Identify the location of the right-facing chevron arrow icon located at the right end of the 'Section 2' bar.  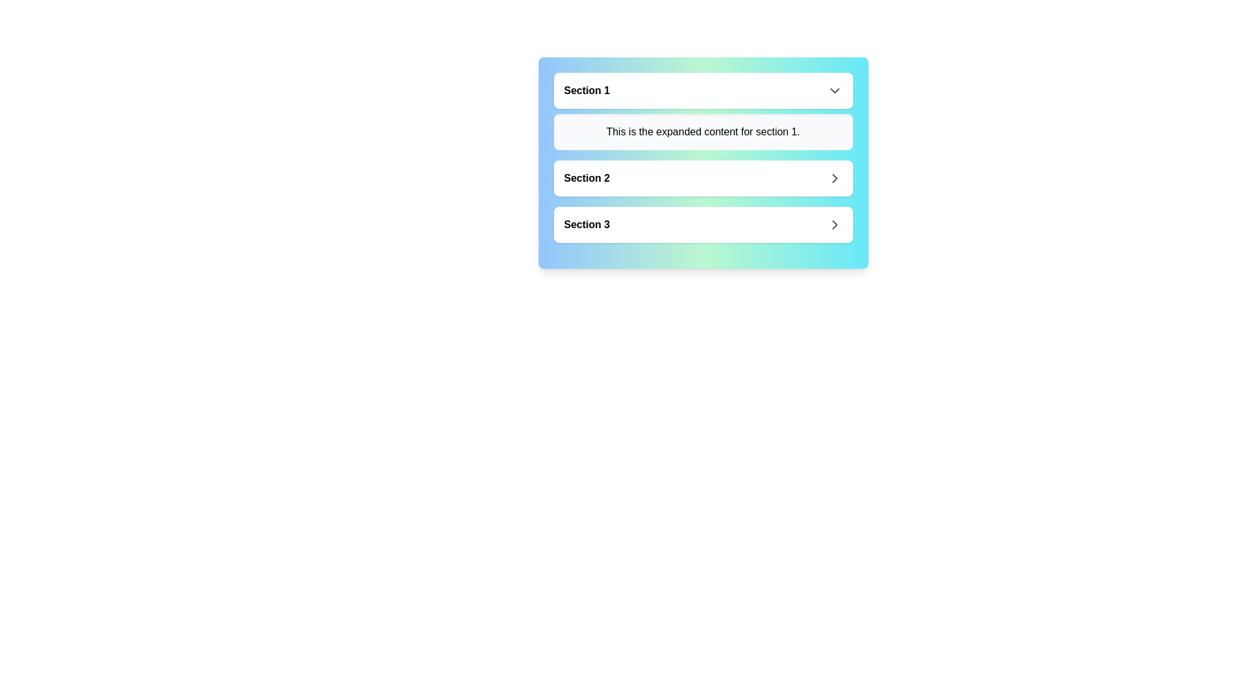
(834, 179).